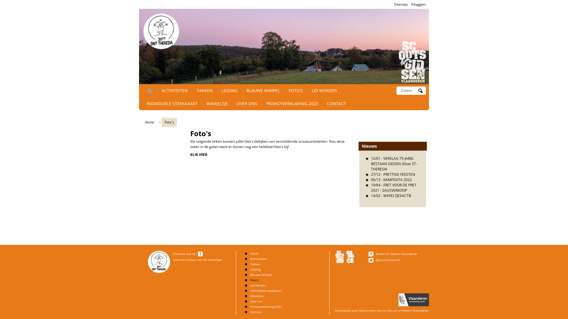 The width and height of the screenshot is (568, 319). Describe the element at coordinates (162, 90) in the screenshot. I see `'ACTIVITEITEN'` at that location.